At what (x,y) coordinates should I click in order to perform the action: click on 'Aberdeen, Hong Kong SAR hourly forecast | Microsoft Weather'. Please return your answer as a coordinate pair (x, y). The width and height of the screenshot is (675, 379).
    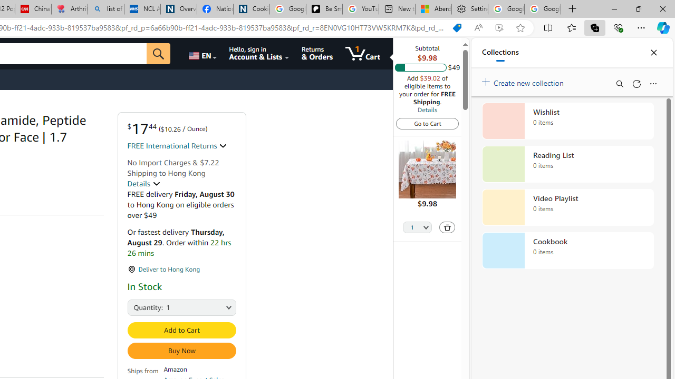
    Looking at the image, I should click on (433, 9).